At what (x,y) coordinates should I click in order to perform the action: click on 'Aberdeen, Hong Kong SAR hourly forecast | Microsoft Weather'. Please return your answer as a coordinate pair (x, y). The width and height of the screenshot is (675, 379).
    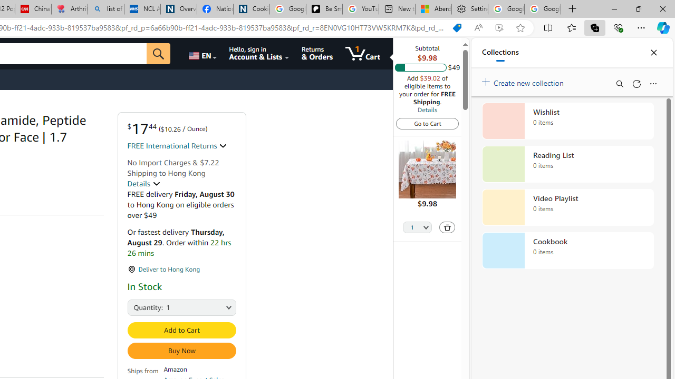
    Looking at the image, I should click on (433, 9).